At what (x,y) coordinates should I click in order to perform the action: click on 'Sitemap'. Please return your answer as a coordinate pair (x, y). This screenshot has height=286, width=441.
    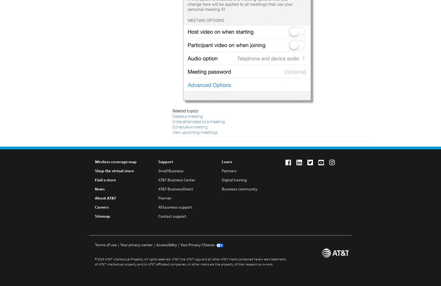
    Looking at the image, I should click on (102, 216).